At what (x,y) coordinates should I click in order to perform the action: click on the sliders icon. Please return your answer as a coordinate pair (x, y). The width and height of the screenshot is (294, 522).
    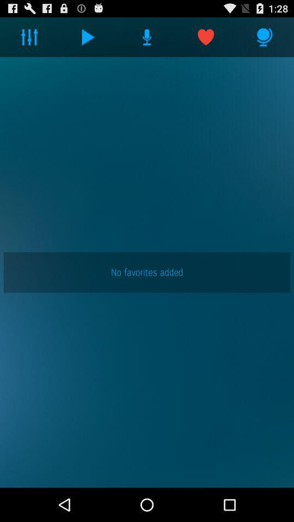
    Looking at the image, I should click on (29, 39).